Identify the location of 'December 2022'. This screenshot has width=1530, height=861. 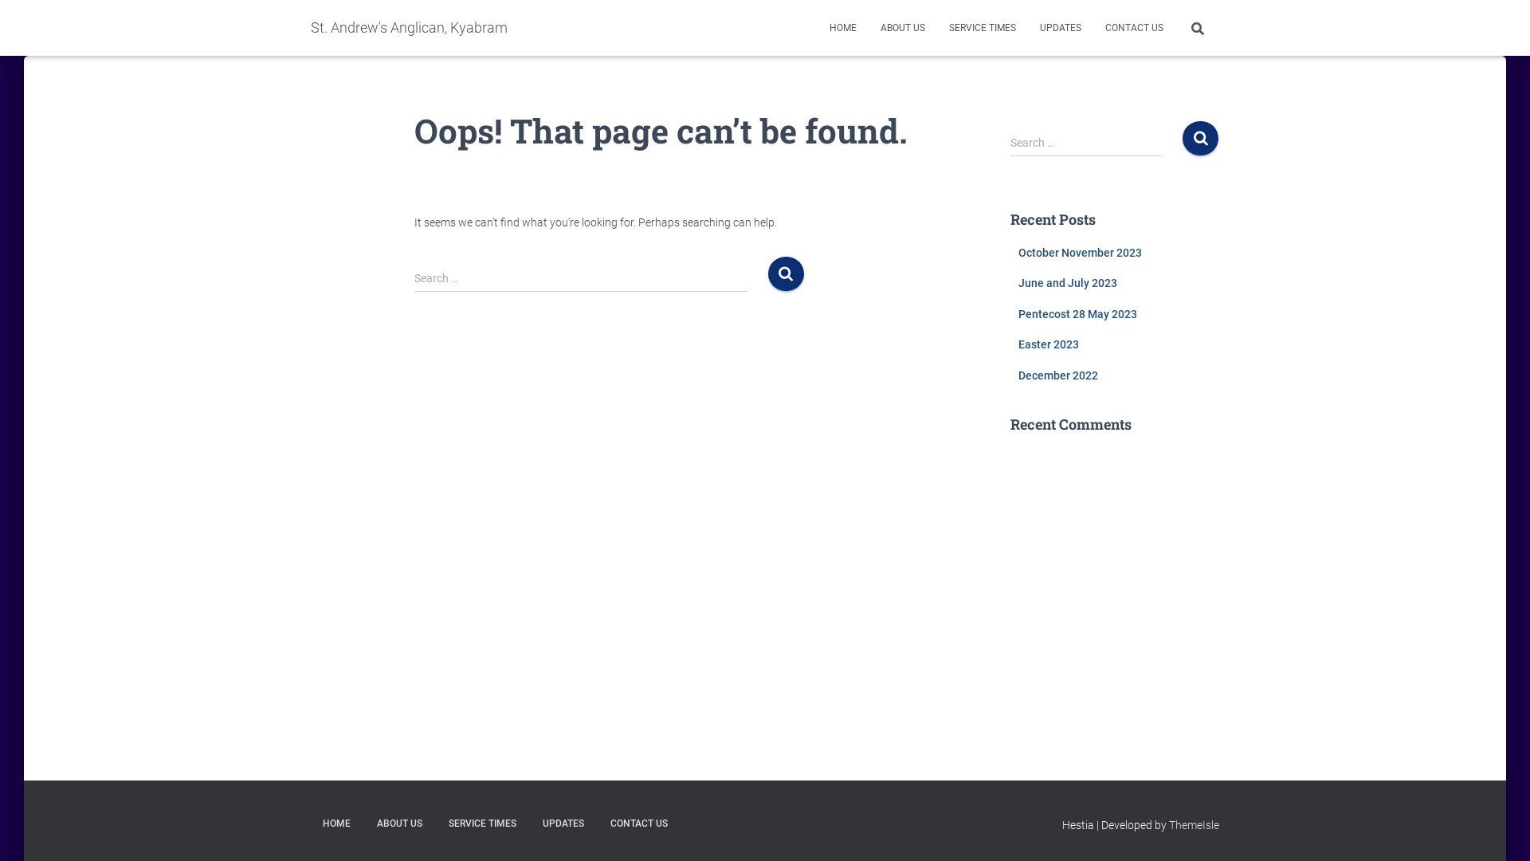
(1017, 375).